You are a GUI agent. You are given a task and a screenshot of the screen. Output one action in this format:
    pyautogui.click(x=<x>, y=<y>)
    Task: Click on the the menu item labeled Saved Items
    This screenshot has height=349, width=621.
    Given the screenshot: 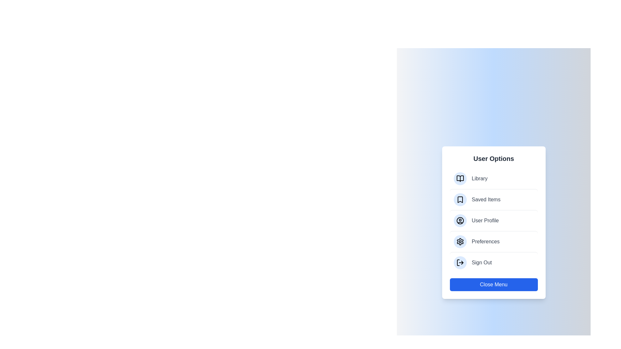 What is the action you would take?
    pyautogui.click(x=493, y=199)
    